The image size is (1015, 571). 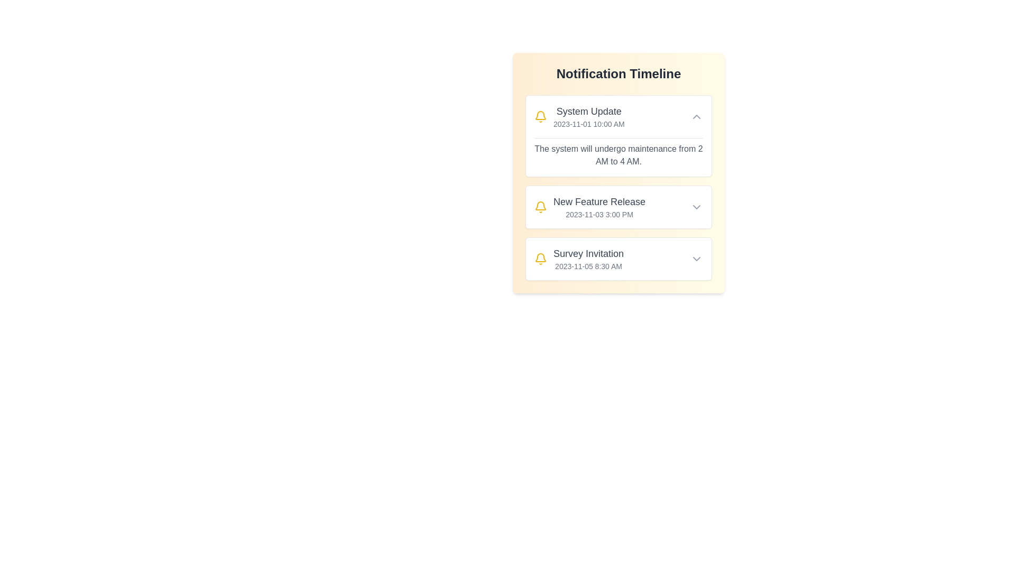 What do you see at coordinates (599, 207) in the screenshot?
I see `the text label displaying 'New Feature Release' which is the second notification in the timeline interface, positioned between 'System Update' and 'Survey Invitation'` at bounding box center [599, 207].